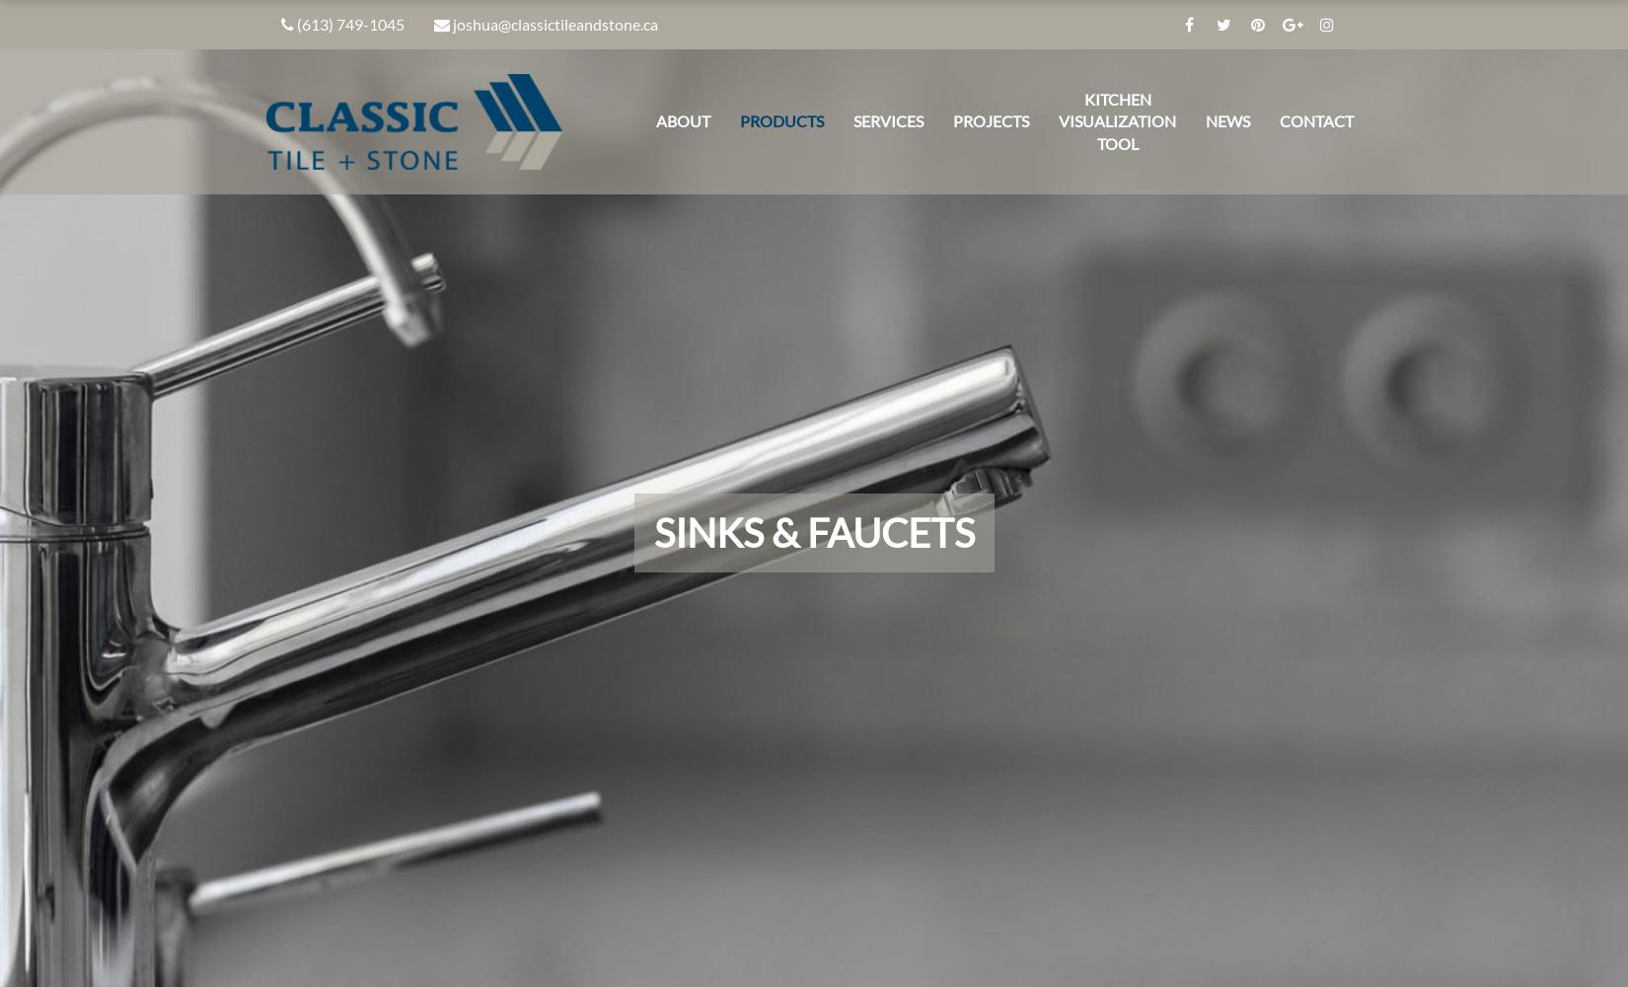 The width and height of the screenshot is (1628, 987). What do you see at coordinates (350, 24) in the screenshot?
I see `'(613) 749-1045'` at bounding box center [350, 24].